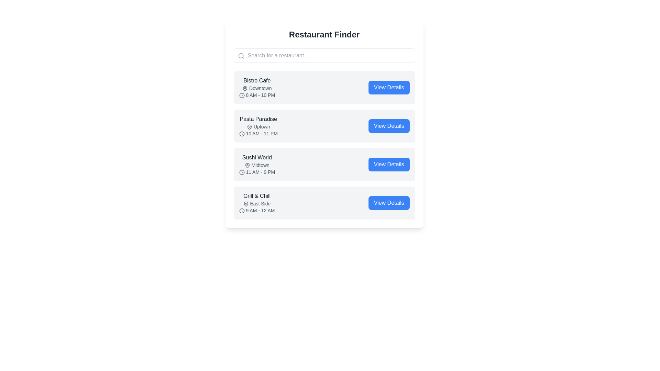  I want to click on the clock icon next to the text '9 AM - 12 AM' in the restaurant 'Grill & Chill' for potential interaction, so click(242, 211).